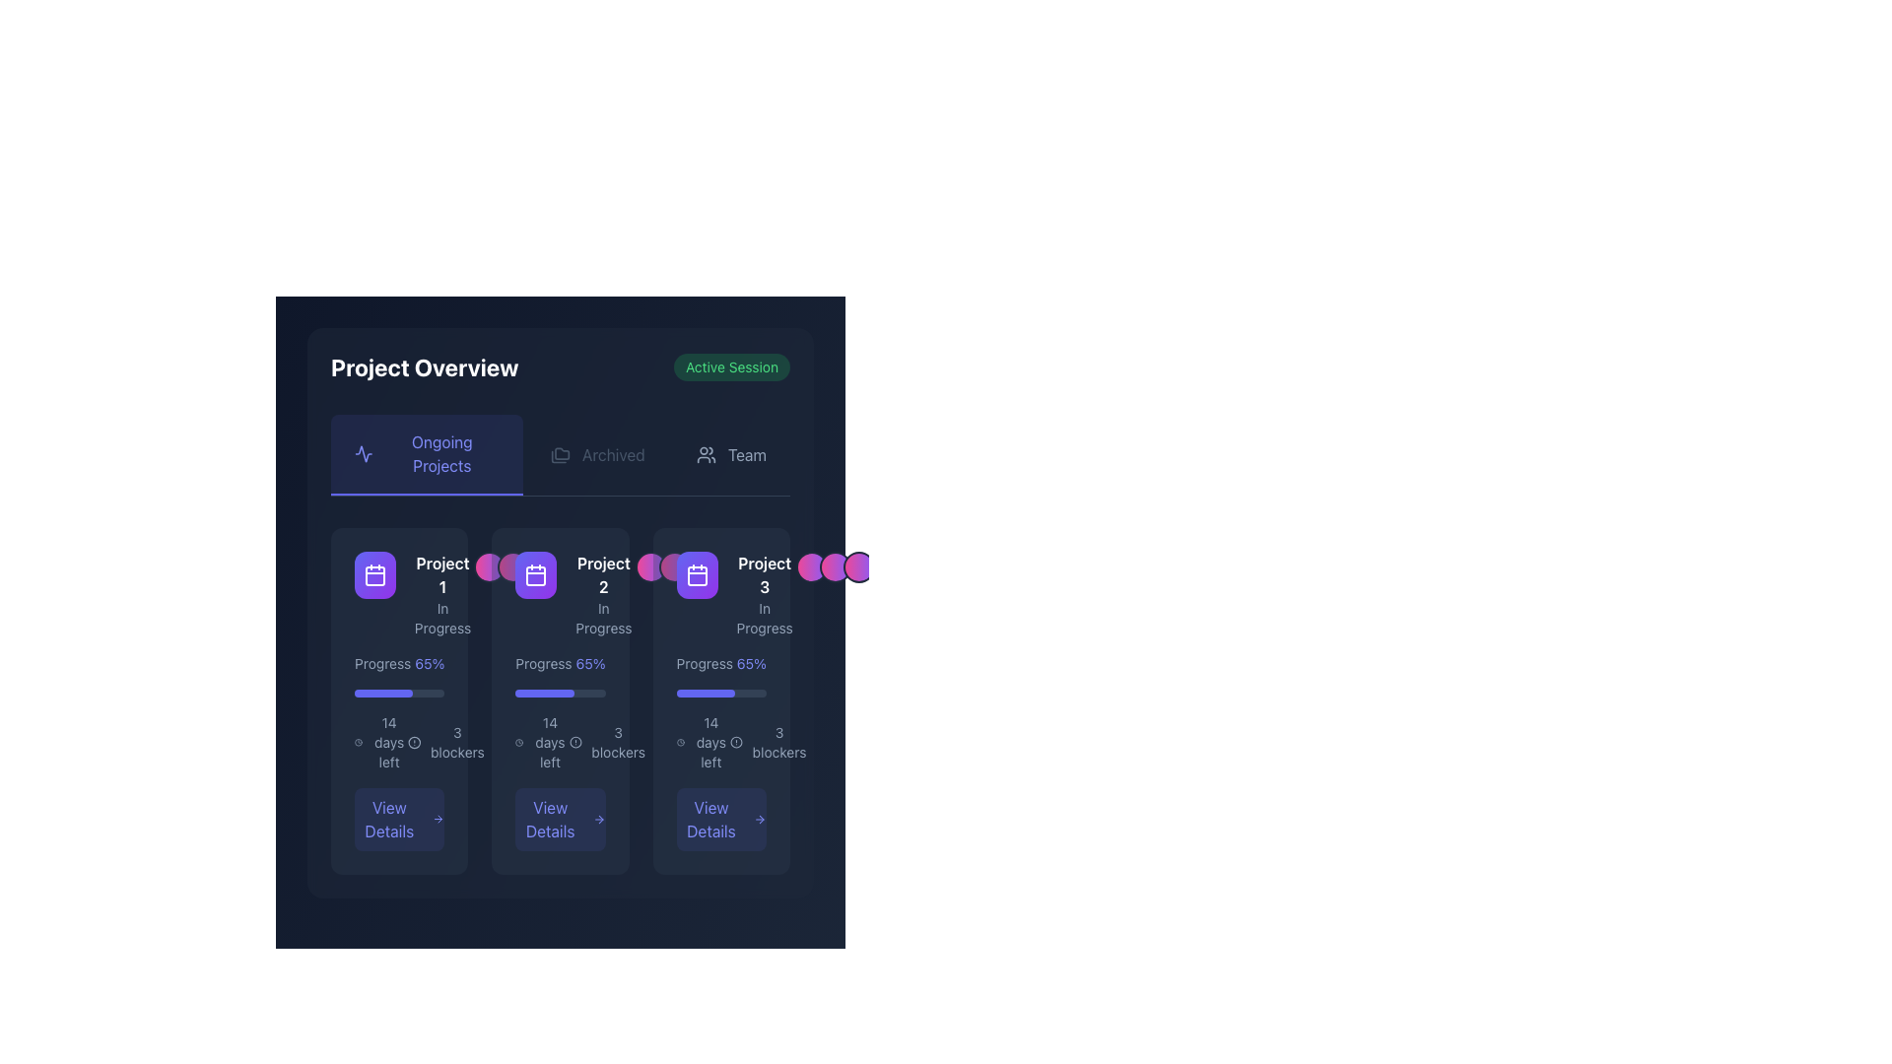 The image size is (1892, 1064). Describe the element at coordinates (536, 574) in the screenshot. I see `the calendar icon within the 'Project 2' card located in the 'Ongoing Projects' section` at that location.